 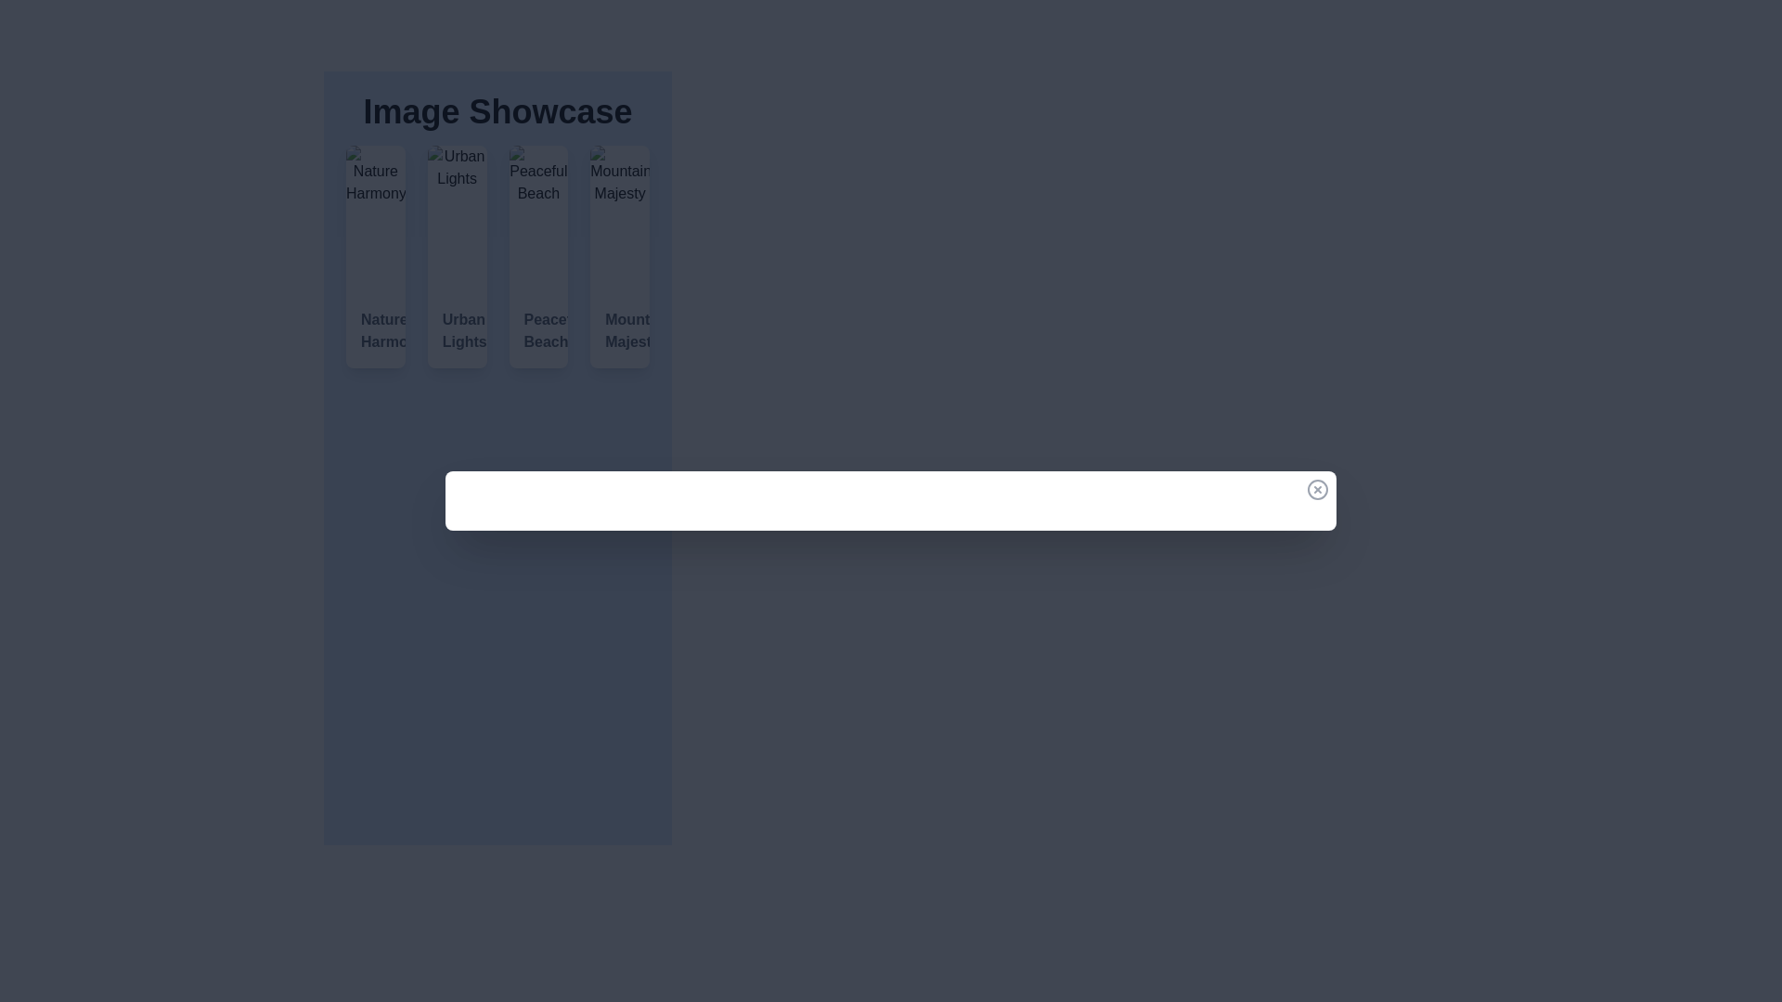 What do you see at coordinates (620, 330) in the screenshot?
I see `the content of the Text Label located at the bottom section of the white card representing 'Mountain Majesty', which is the last of four cards displayed horizontally in the 'Image Showcase' section` at bounding box center [620, 330].